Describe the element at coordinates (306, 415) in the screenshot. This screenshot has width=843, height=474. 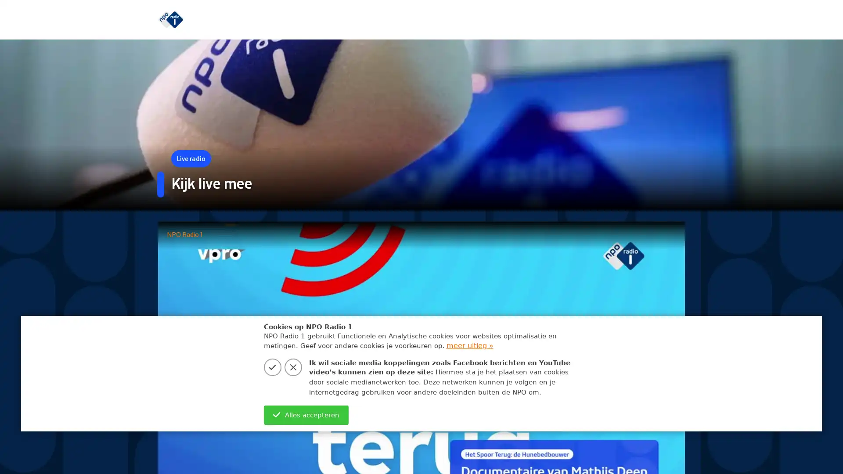
I see `Alles accepteren` at that location.